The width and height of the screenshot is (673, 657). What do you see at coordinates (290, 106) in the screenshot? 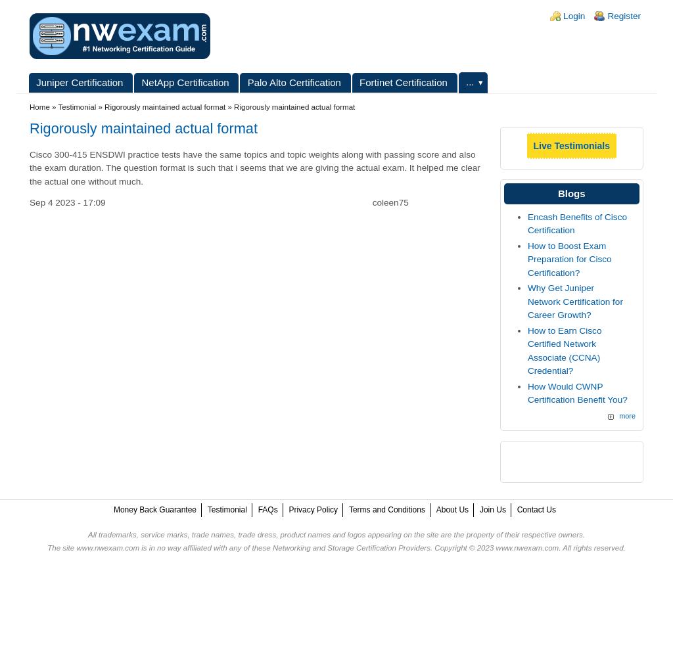
I see `'» Rigorously maintained actual format'` at bounding box center [290, 106].